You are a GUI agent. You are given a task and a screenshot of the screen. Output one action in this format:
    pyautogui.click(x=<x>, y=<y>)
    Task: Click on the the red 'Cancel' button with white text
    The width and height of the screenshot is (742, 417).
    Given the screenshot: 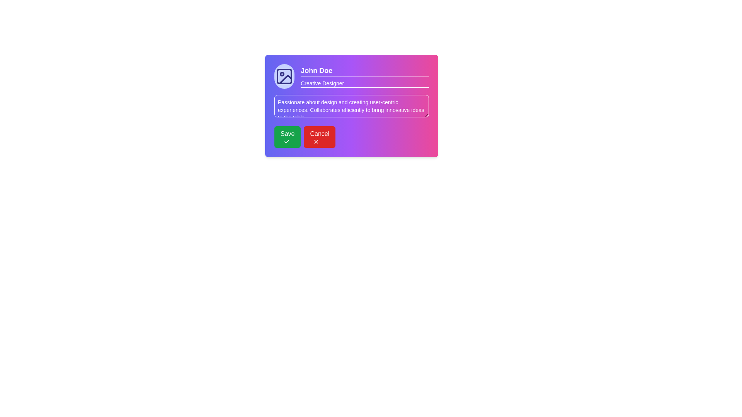 What is the action you would take?
    pyautogui.click(x=320, y=136)
    